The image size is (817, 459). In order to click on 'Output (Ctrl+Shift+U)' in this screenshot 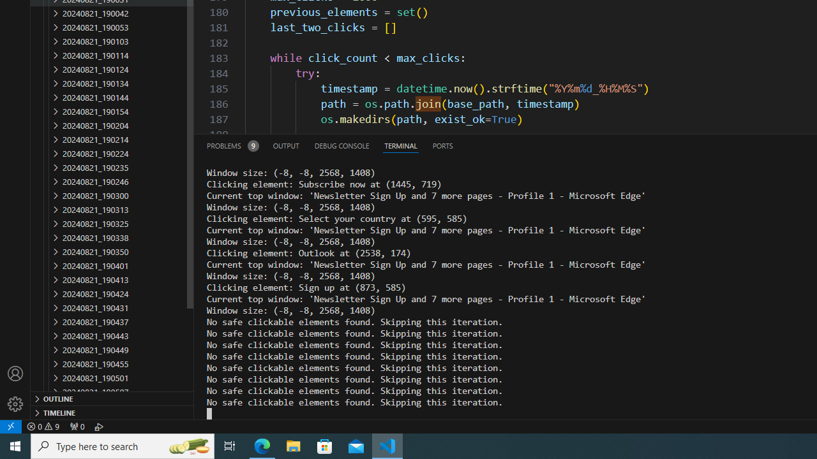, I will do `click(285, 145)`.